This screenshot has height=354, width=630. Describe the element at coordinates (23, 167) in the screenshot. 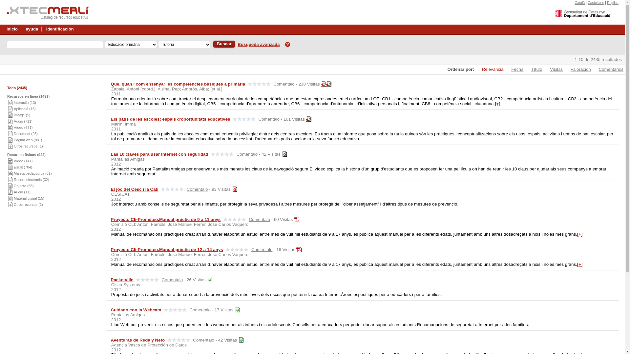

I see `'Escrit (704)'` at that location.